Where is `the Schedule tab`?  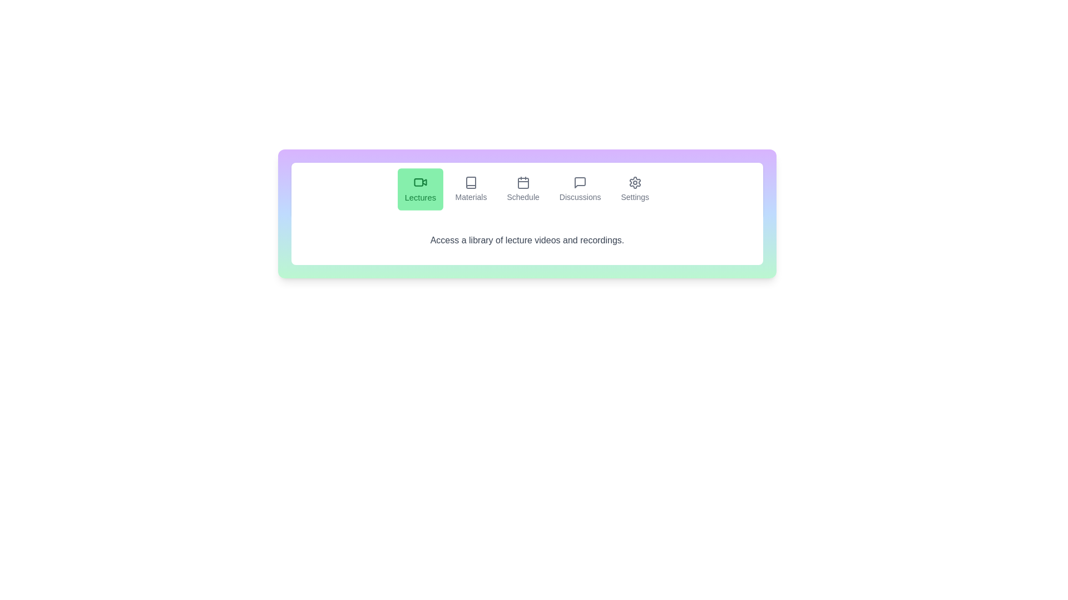
the Schedule tab is located at coordinates (522, 188).